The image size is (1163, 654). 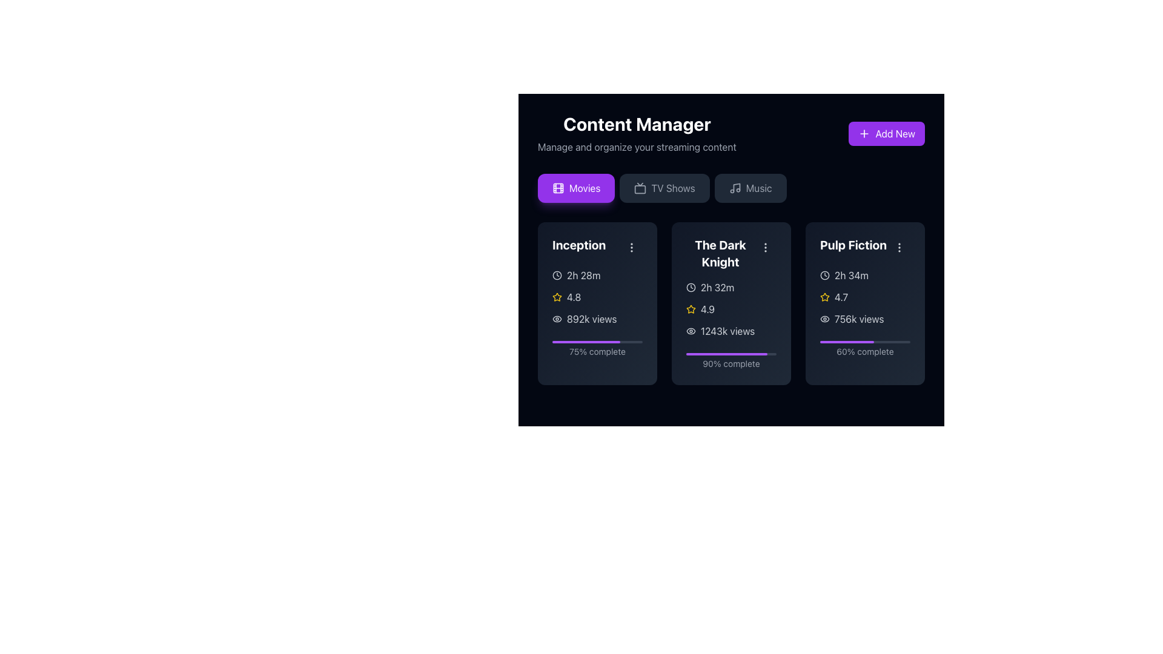 What do you see at coordinates (557, 188) in the screenshot?
I see `the film icon within the purple button labeled 'Movies', which is styled with detailing lines representing film strips and is located to the left in a group of buttons` at bounding box center [557, 188].